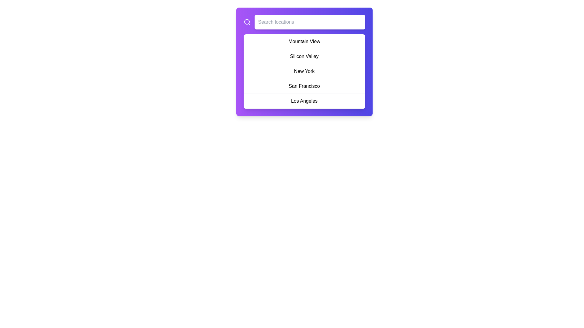  What do you see at coordinates (247, 22) in the screenshot?
I see `the circular part of the SVG icon that resembles a magnifying glass, which is located to the left of the input field containing the placeholder text 'Search locations'` at bounding box center [247, 22].